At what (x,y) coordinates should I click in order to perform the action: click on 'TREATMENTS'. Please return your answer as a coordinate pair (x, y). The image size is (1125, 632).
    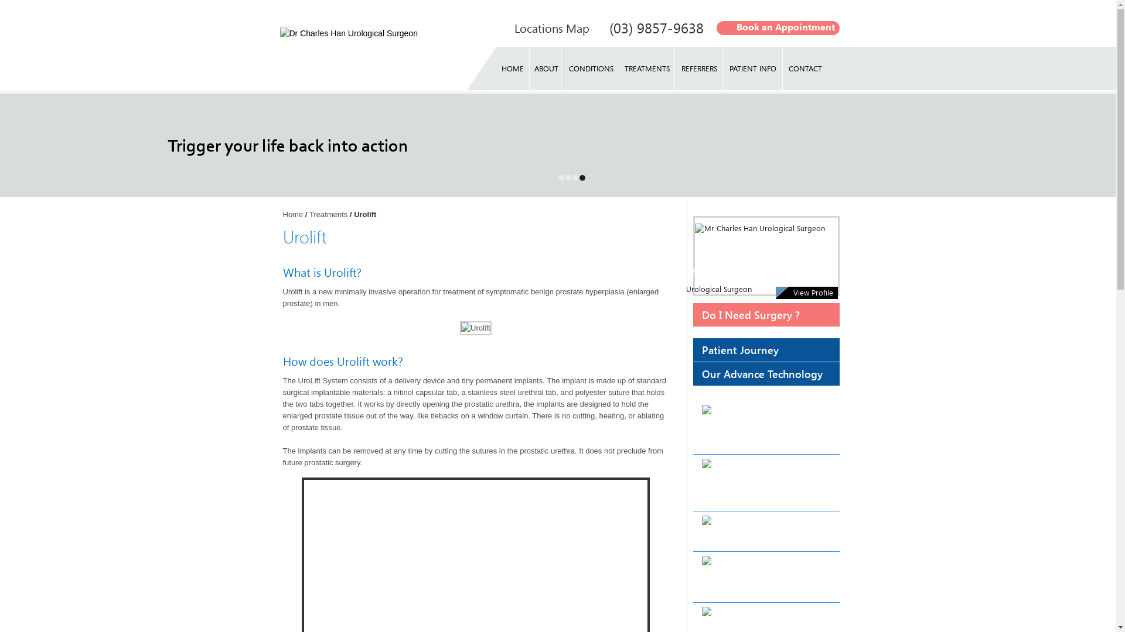
    Looking at the image, I should click on (646, 68).